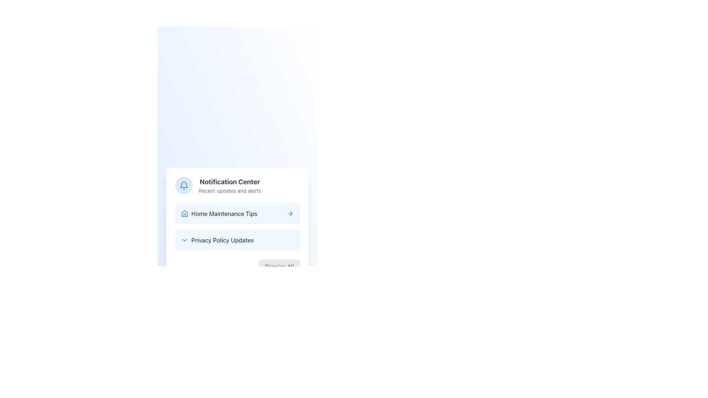  Describe the element at coordinates (229, 182) in the screenshot. I see `the 'Notification Center' text label, which is a large, bold, serif-style font with grey coloring, prominently displayed at the top-left area of the notification panel` at that location.